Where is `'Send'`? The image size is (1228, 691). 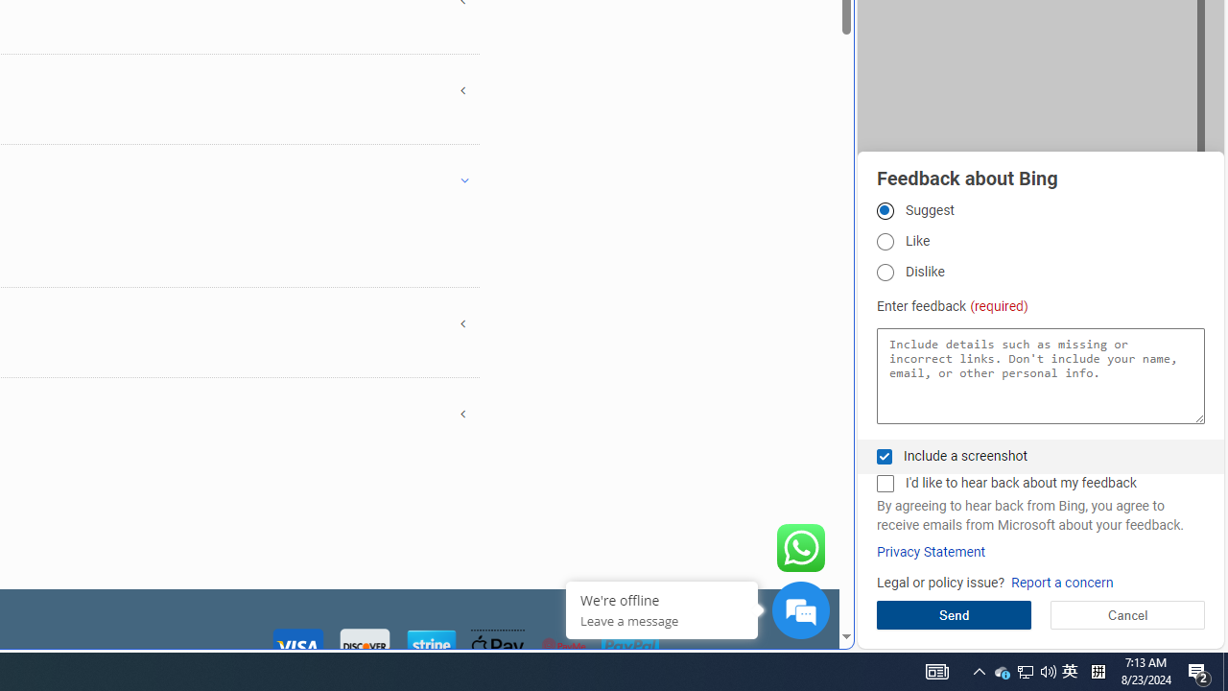 'Send' is located at coordinates (954, 614).